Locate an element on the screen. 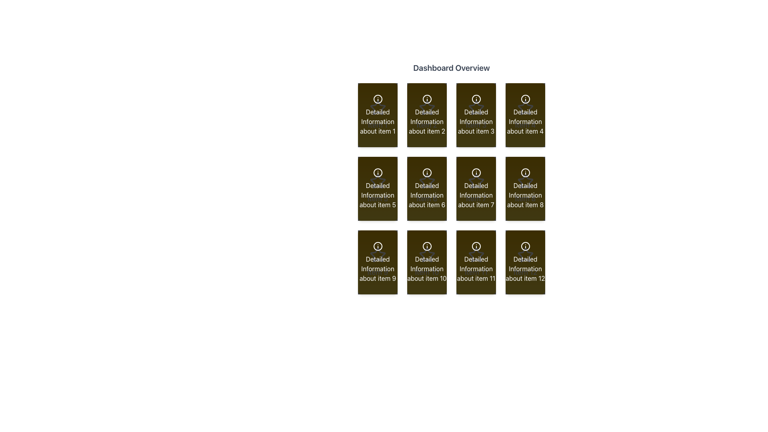 The image size is (768, 432). the informational icon located in the top-left corner of the grid layout, which provides additional details related to the associated item is located at coordinates (377, 98).